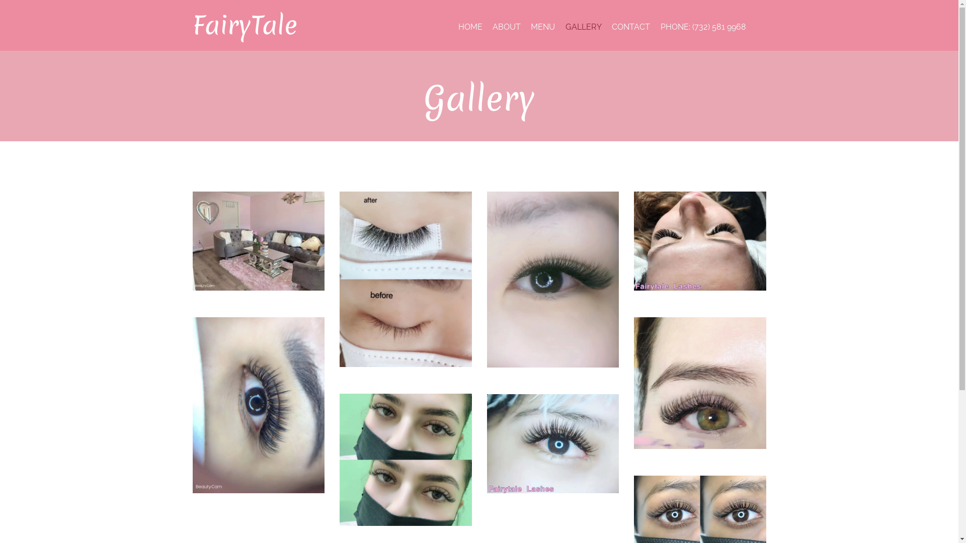  Describe the element at coordinates (542, 27) in the screenshot. I see `'MENU'` at that location.